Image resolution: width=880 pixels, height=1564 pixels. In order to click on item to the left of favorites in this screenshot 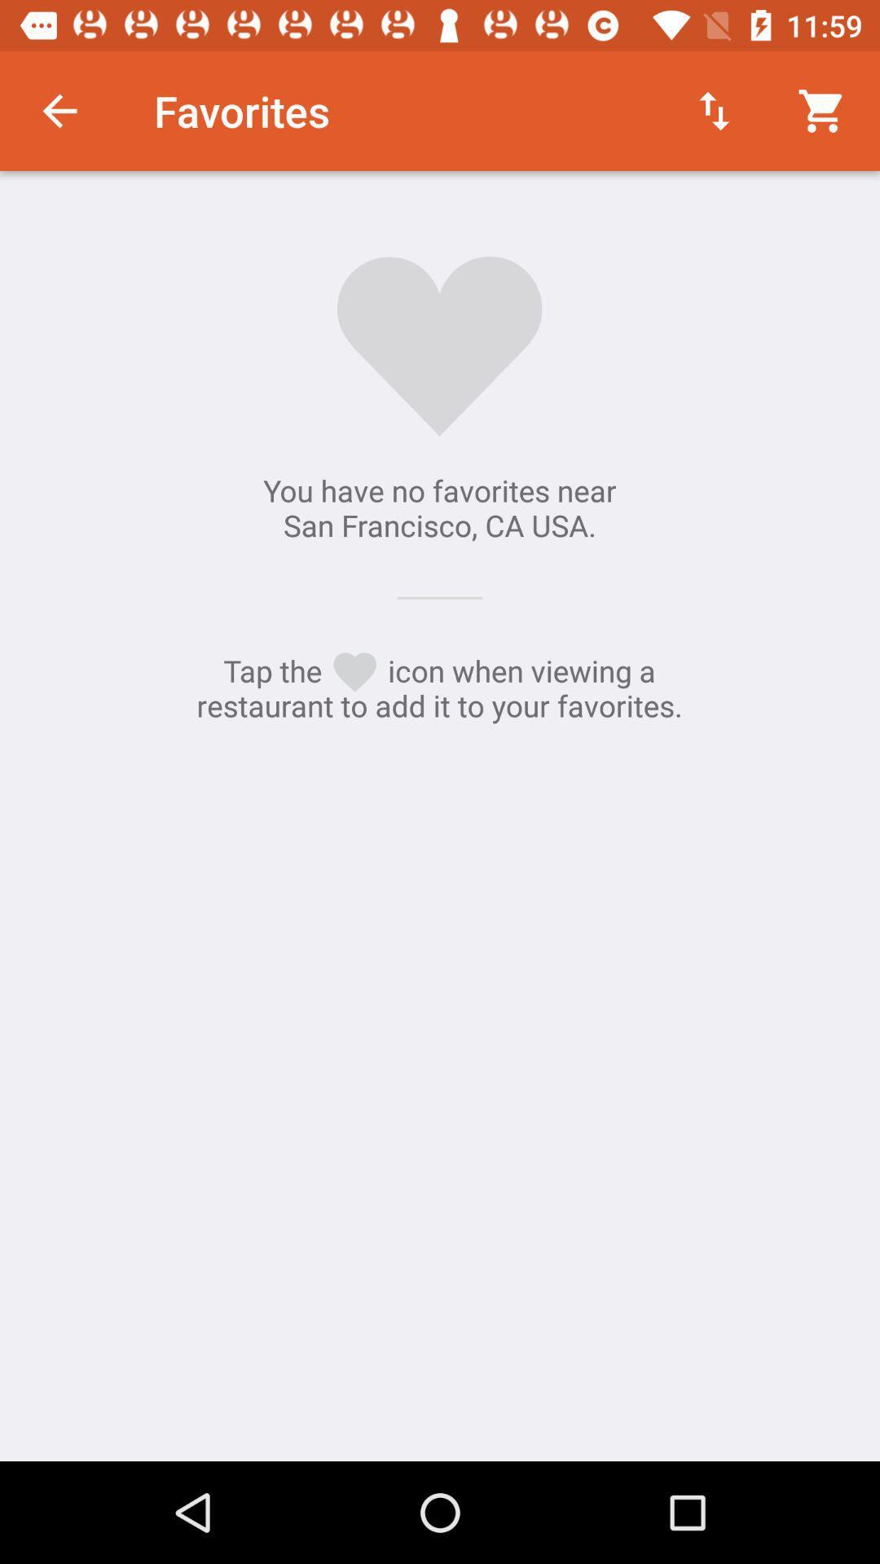, I will do `click(59, 110)`.